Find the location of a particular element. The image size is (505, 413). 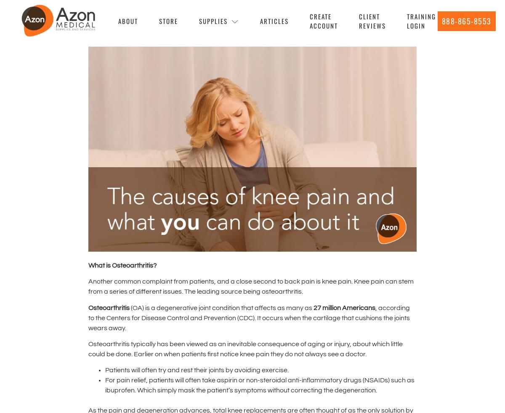

'For pain relief, patients will often take aspirin or non-steroidal anti-inflammatory drugs (NSAIDs) such as ibuprofen. Which simply mask the patient’s symptoms without correcting the degeneration.' is located at coordinates (260, 385).